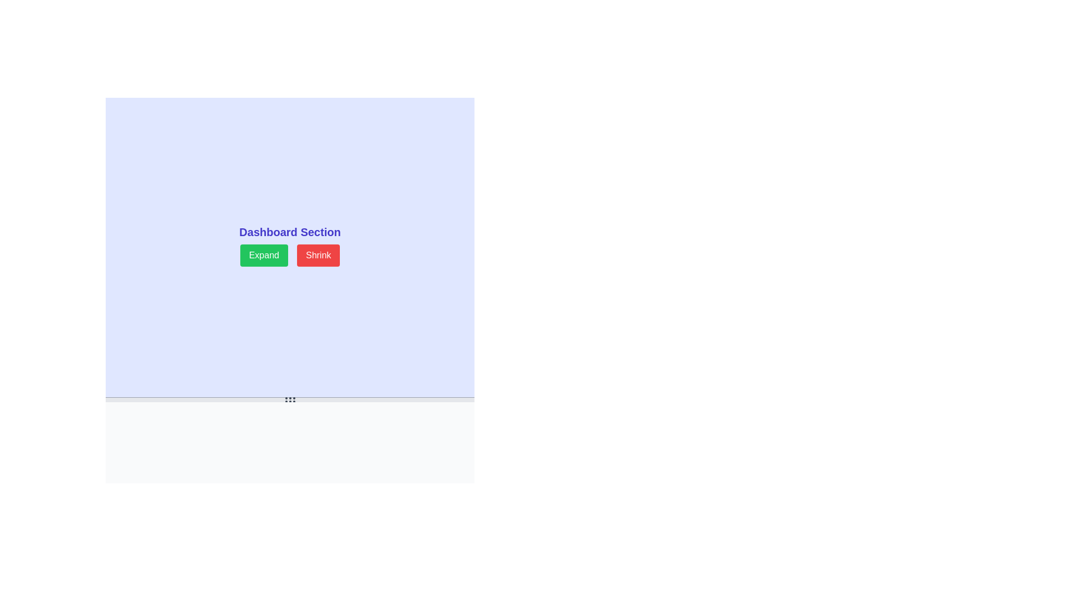 This screenshot has width=1068, height=600. Describe the element at coordinates (290, 400) in the screenshot. I see `and drag the Drag handle located at the bottom center of the interface within the horizontal gray bar` at that location.